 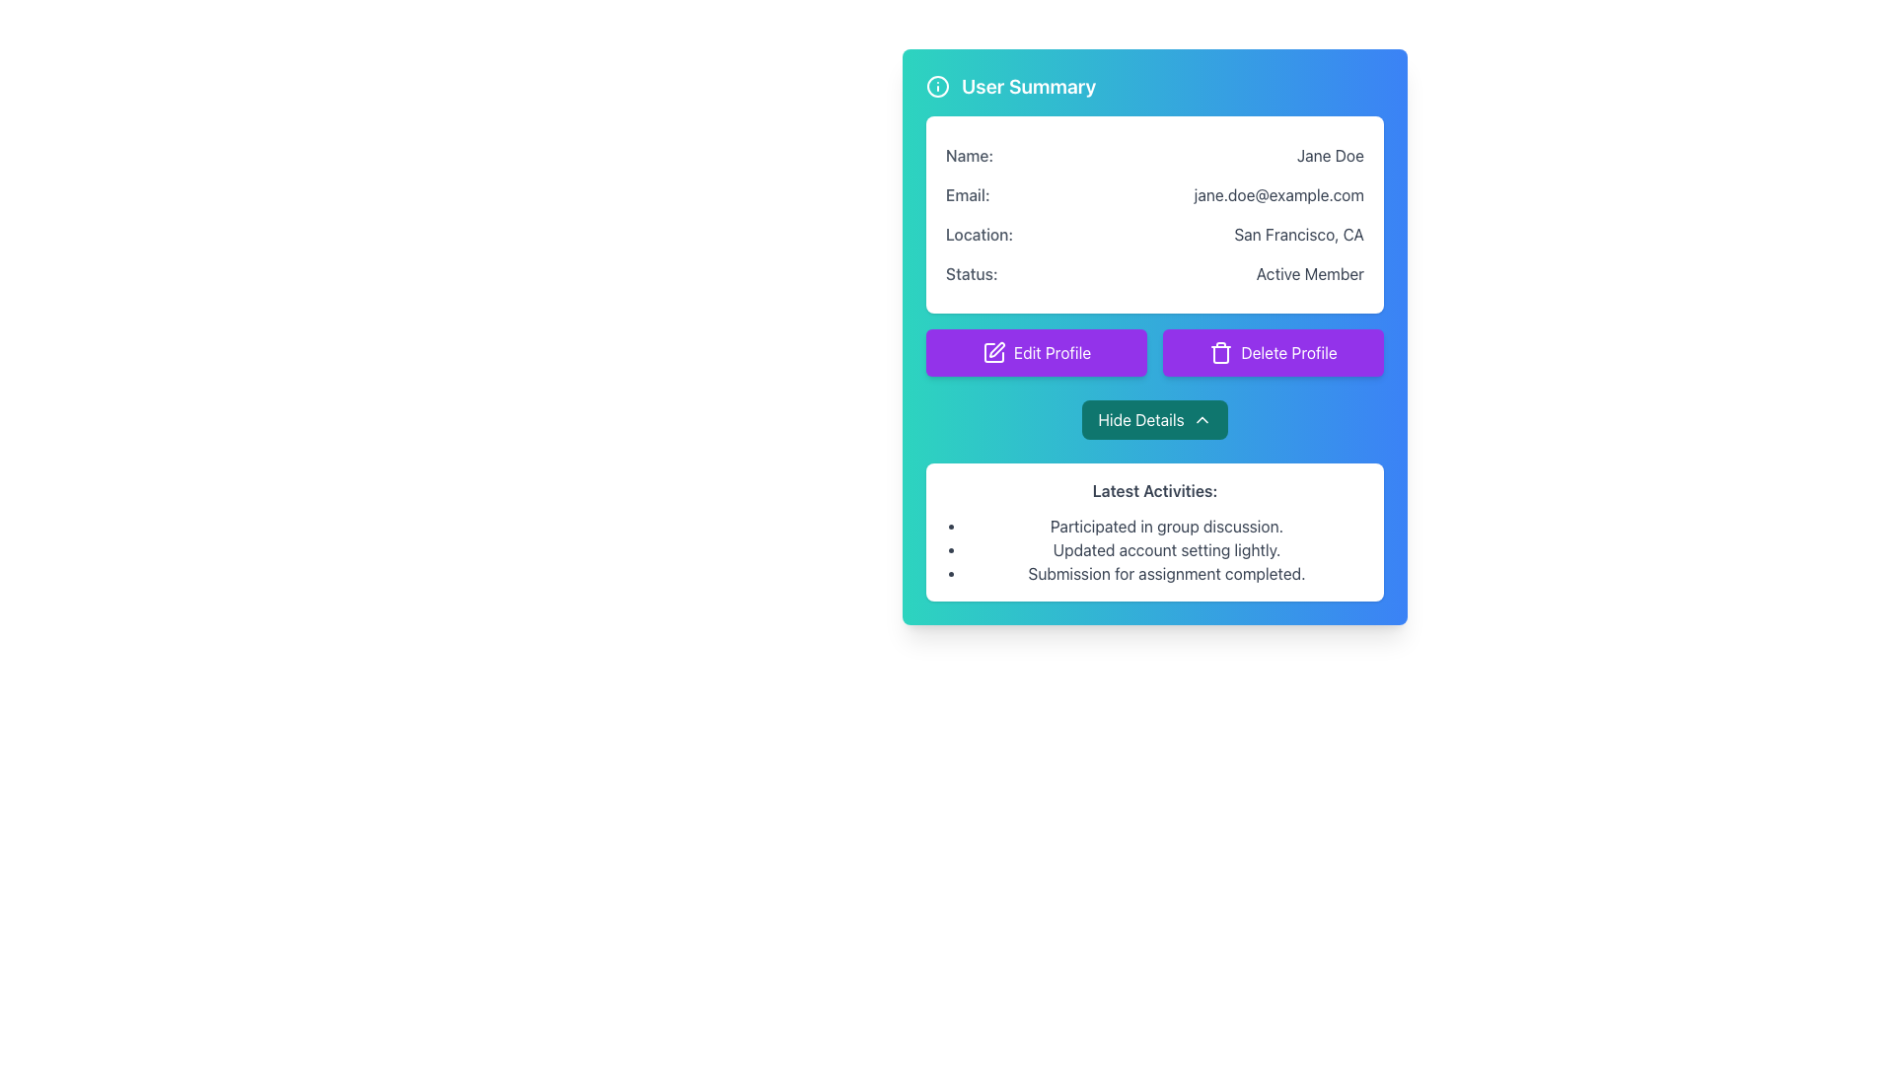 What do you see at coordinates (1028, 86) in the screenshot?
I see `the text label that serves as a header for the user information section, located to the right of the circular 'info' icon in the top-left section of the card` at bounding box center [1028, 86].